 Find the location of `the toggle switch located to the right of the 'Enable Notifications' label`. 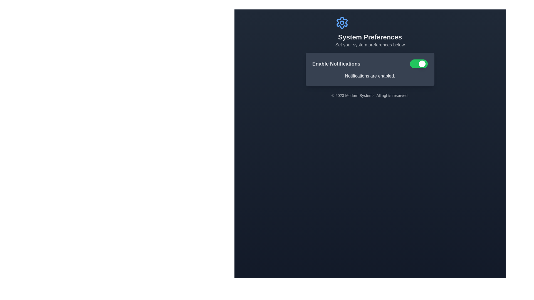

the toggle switch located to the right of the 'Enable Notifications' label is located at coordinates (419, 64).